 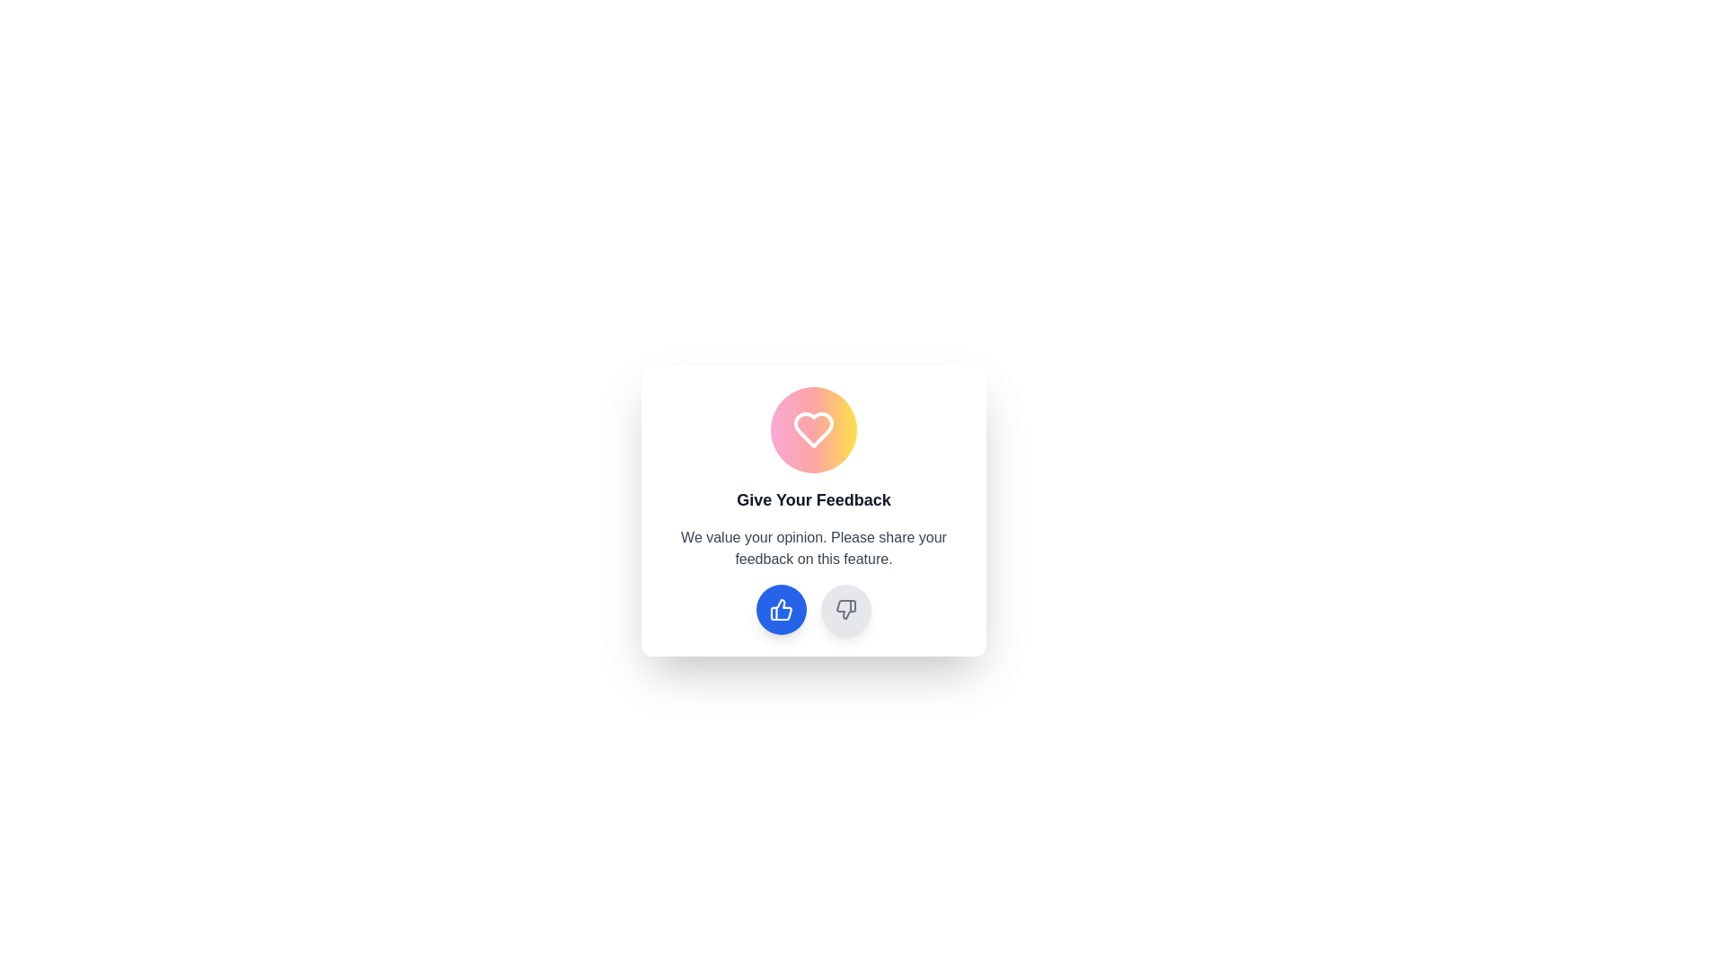 I want to click on the header text that draws attention to the feedback section, positioned centrally under an icon and above a feedback encouragement paragraph, so click(x=813, y=499).